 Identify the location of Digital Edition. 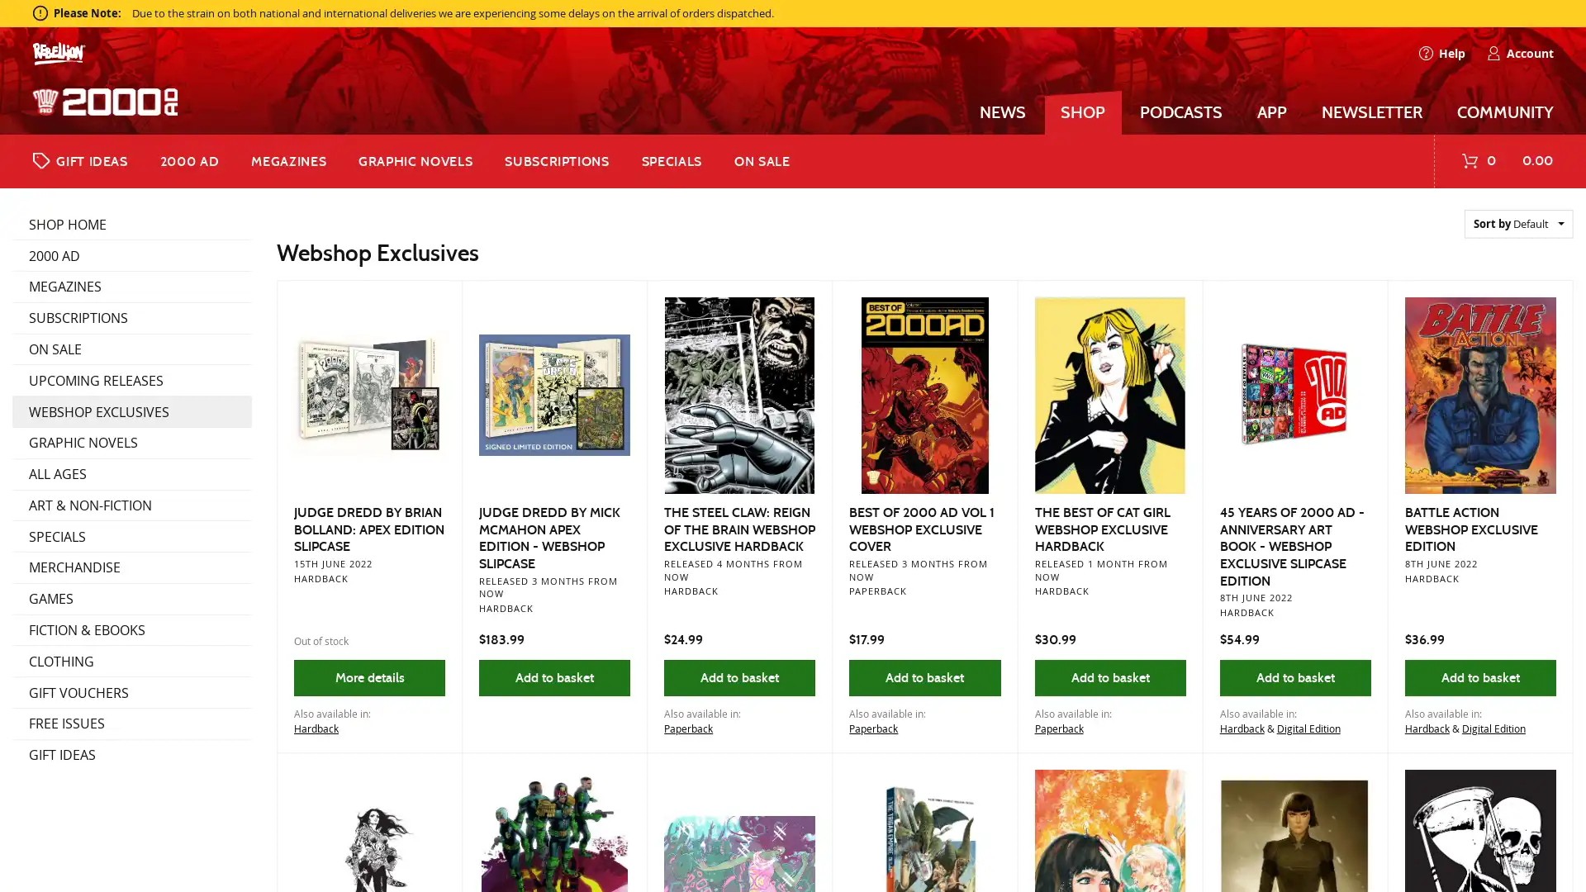
(1493, 728).